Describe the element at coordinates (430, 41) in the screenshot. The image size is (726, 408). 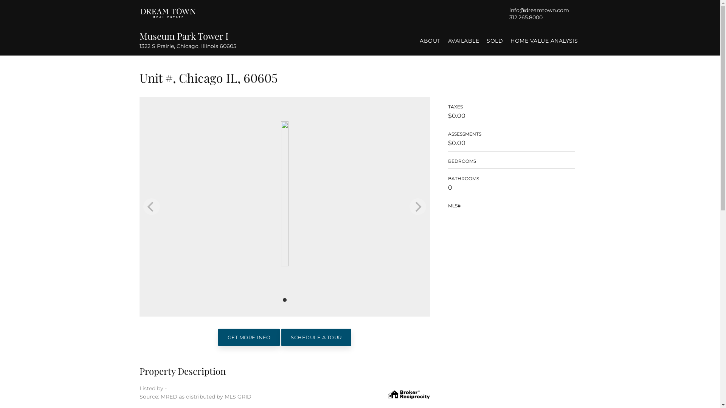
I see `'ABOUT'` at that location.